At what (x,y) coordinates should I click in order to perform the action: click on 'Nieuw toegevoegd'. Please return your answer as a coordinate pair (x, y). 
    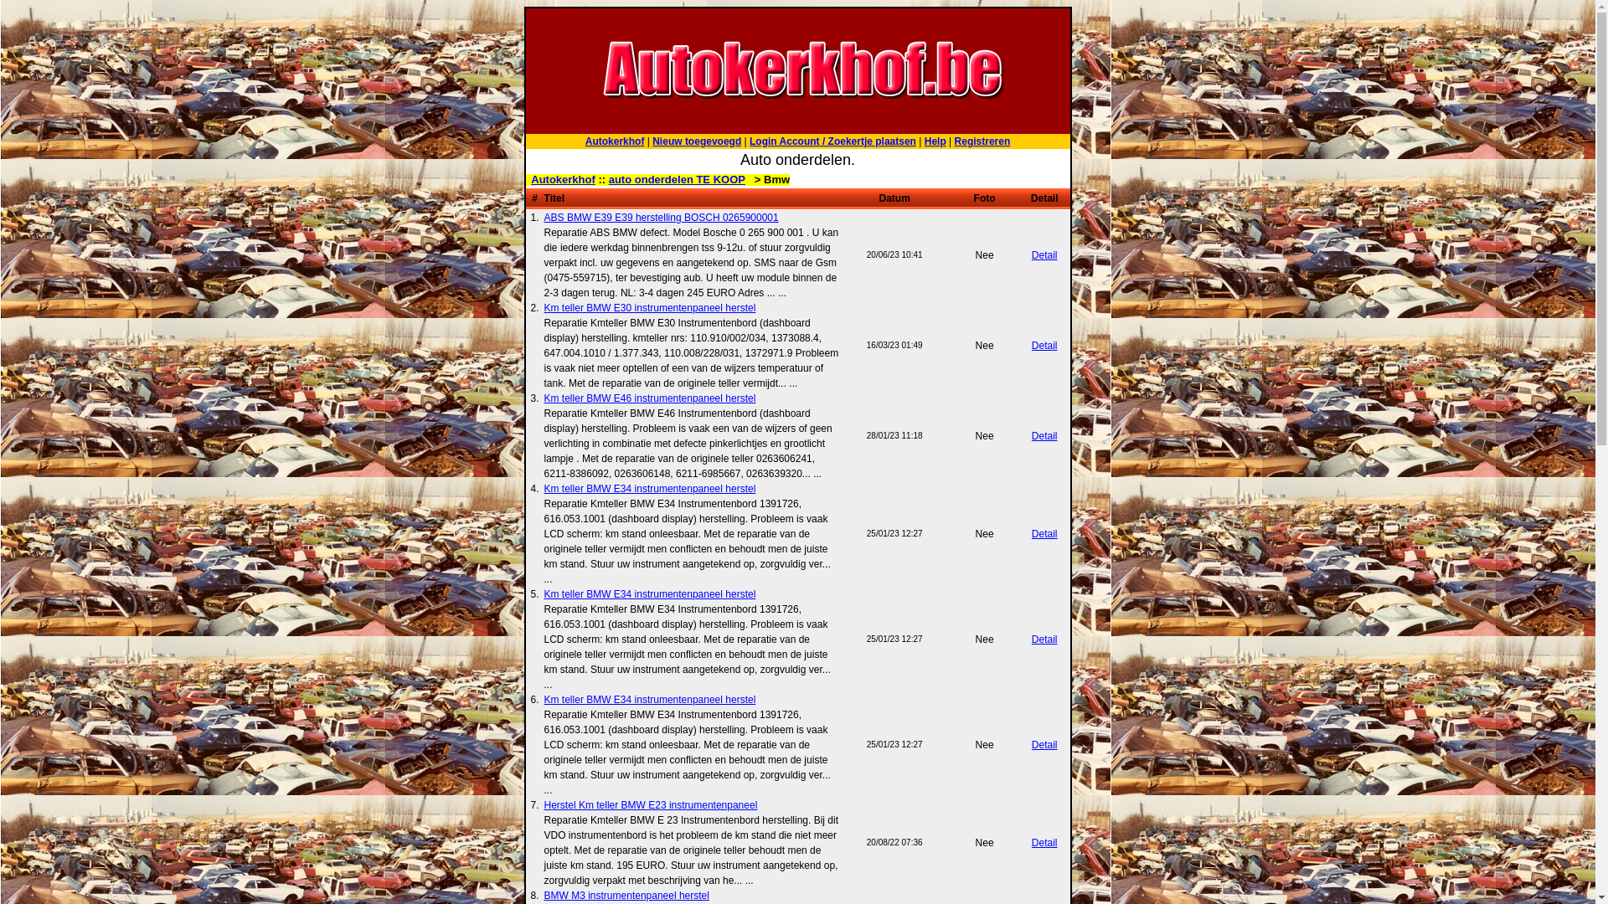
    Looking at the image, I should click on (696, 141).